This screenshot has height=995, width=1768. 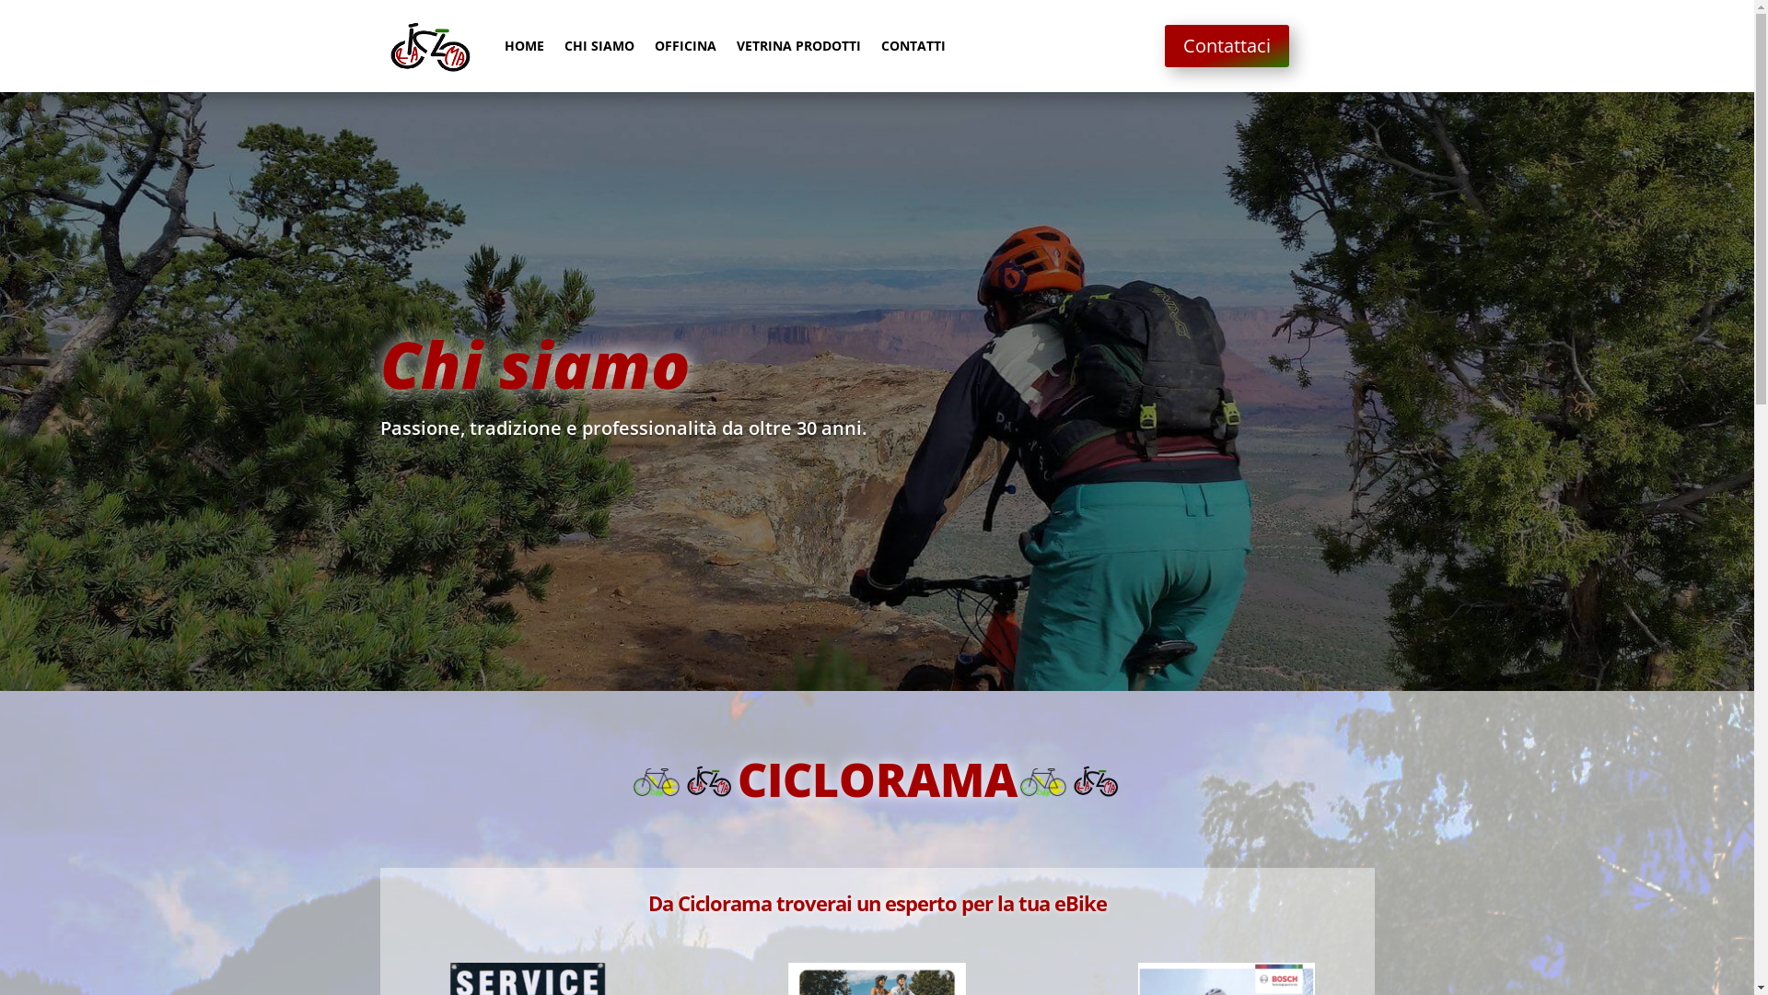 What do you see at coordinates (504, 45) in the screenshot?
I see `'HOME'` at bounding box center [504, 45].